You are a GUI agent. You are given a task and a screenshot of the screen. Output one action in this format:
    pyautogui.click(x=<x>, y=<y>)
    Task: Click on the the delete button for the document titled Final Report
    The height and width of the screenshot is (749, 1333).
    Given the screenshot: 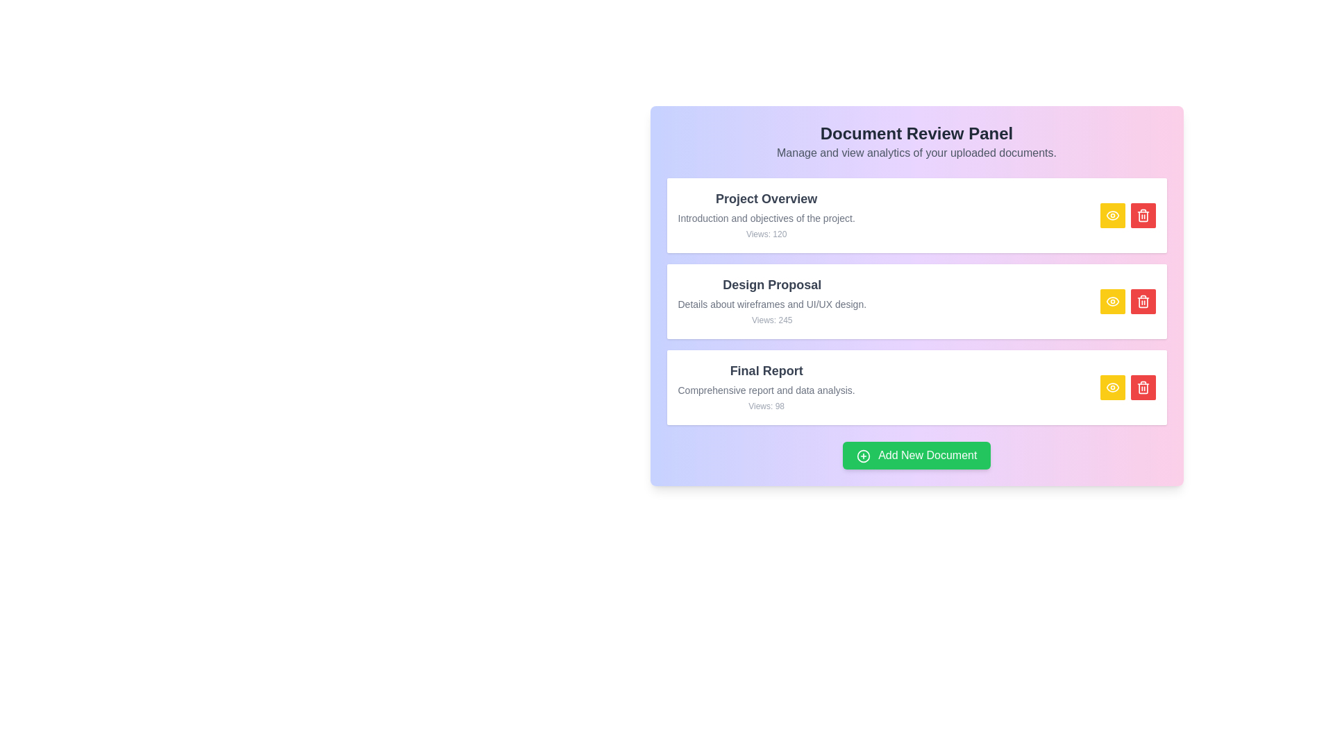 What is the action you would take?
    pyautogui.click(x=1143, y=388)
    